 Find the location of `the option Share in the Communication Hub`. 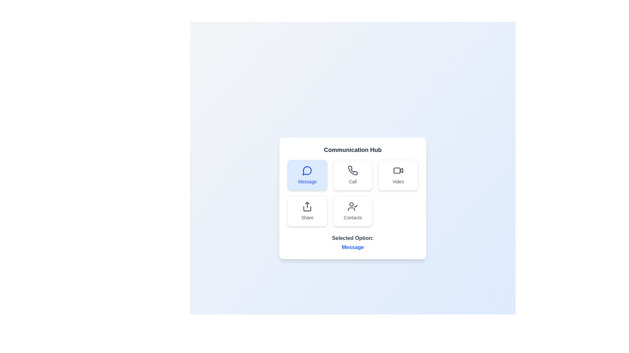

the option Share in the Communication Hub is located at coordinates (307, 211).